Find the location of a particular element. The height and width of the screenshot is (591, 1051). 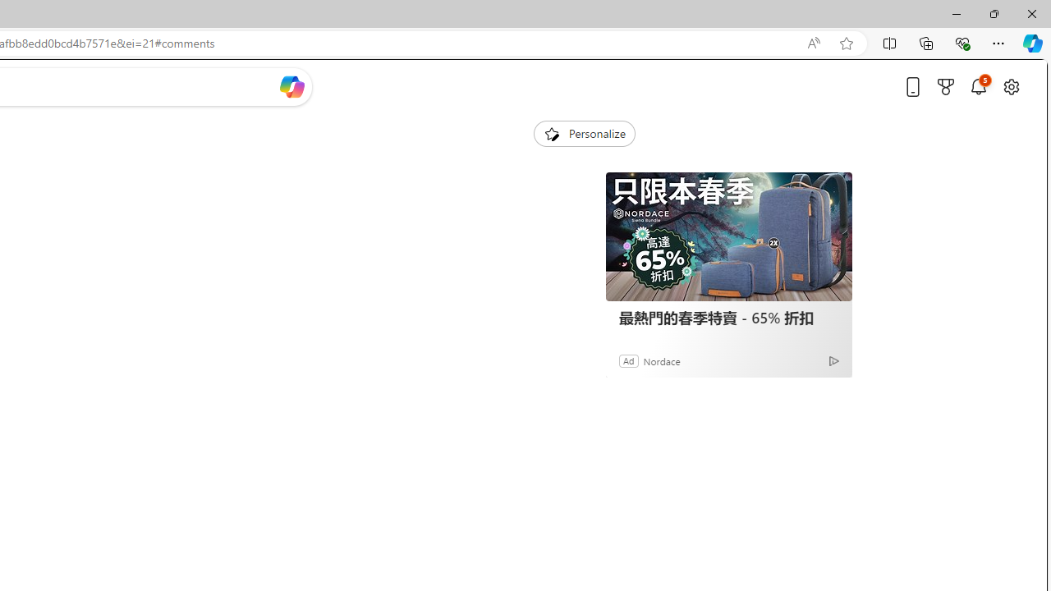

'To get missing image descriptions, open the context menu.' is located at coordinates (551, 132).